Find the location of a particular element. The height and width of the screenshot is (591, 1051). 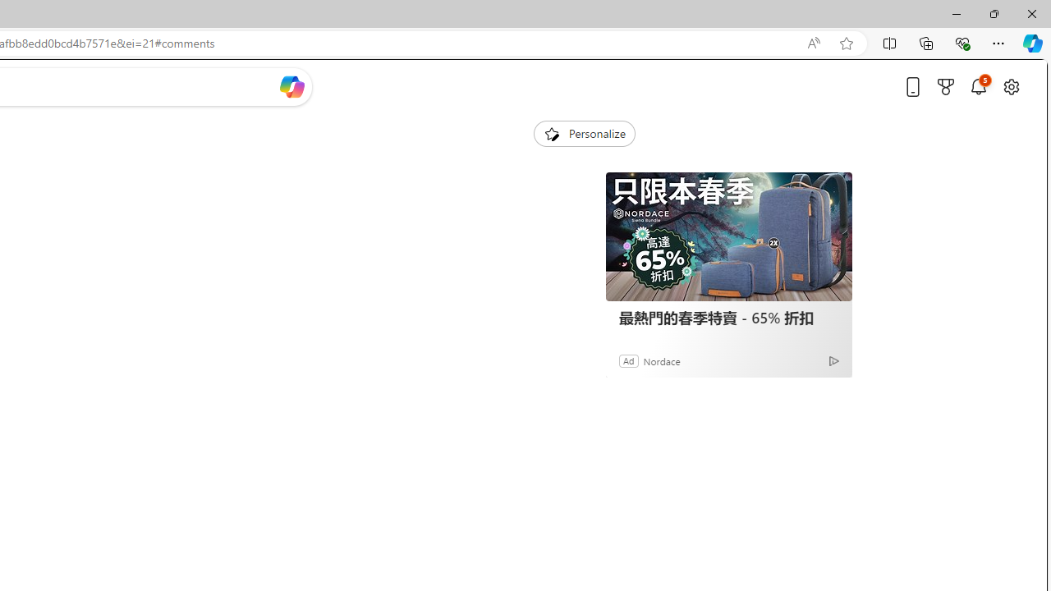

'To get missing image descriptions, open the context menu.' is located at coordinates (551, 132).